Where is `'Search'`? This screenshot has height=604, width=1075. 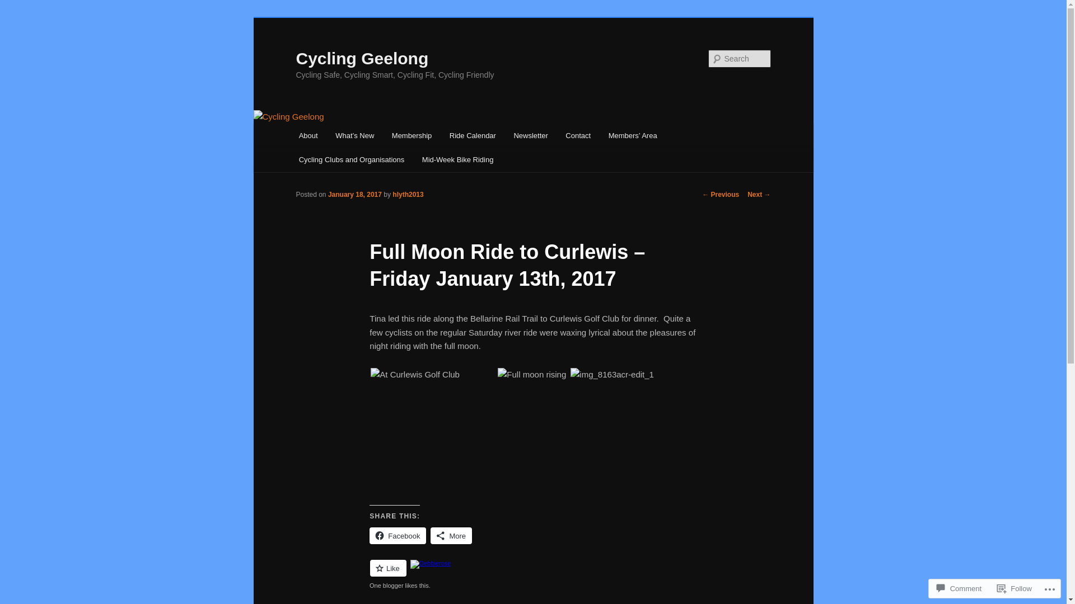
'Search' is located at coordinates (18, 6).